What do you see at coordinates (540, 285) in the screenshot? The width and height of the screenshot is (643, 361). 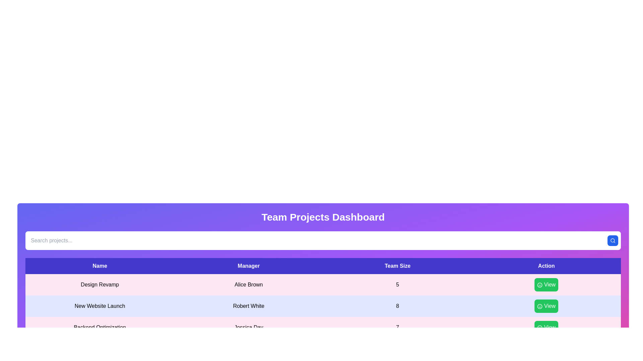 I see `the circular icon element of the smiley icon located near the top-right corner of the action buttons section` at bounding box center [540, 285].